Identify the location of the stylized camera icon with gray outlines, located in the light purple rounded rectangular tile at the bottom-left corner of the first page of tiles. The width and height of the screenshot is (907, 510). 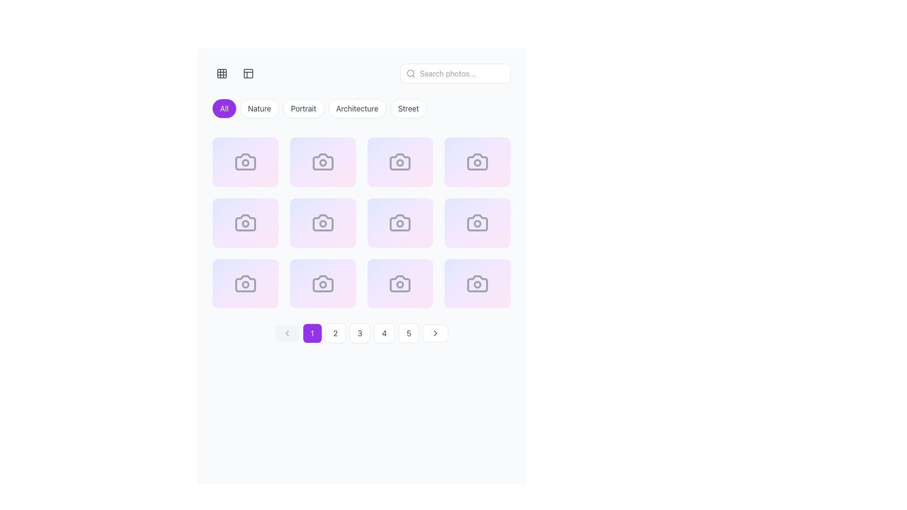
(245, 283).